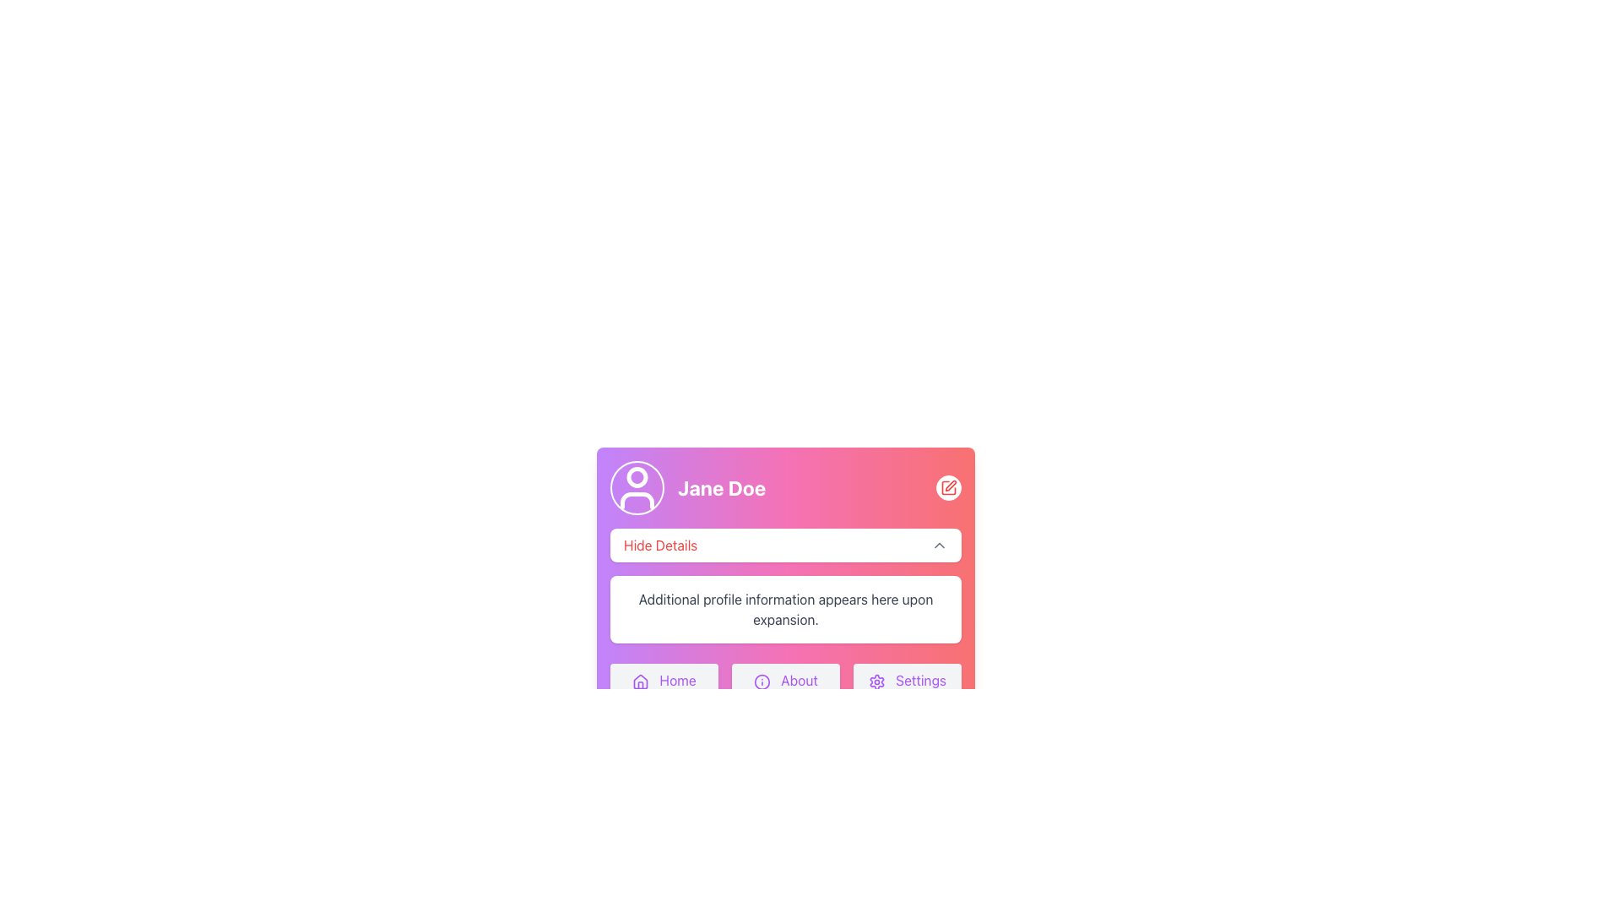 The height and width of the screenshot is (912, 1621). What do you see at coordinates (948, 488) in the screenshot?
I see `the edit icon button located at the top-right corner of the profile card, next to 'Jane Doe'` at bounding box center [948, 488].